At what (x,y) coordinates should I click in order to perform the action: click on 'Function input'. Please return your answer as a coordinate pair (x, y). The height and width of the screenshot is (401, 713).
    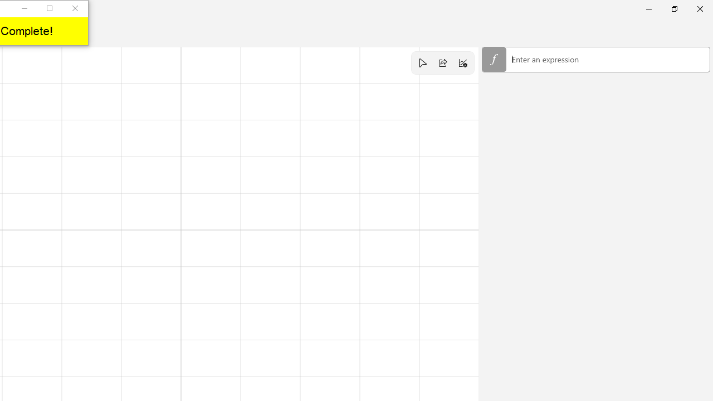
    Looking at the image, I should click on (595, 60).